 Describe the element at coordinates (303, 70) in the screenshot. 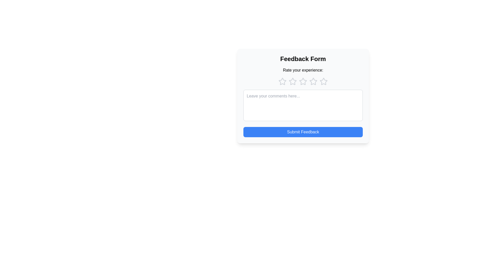

I see `text label that prompts the user to rate their experience, located below the 'Feedback Form' title and above the star icons` at that location.